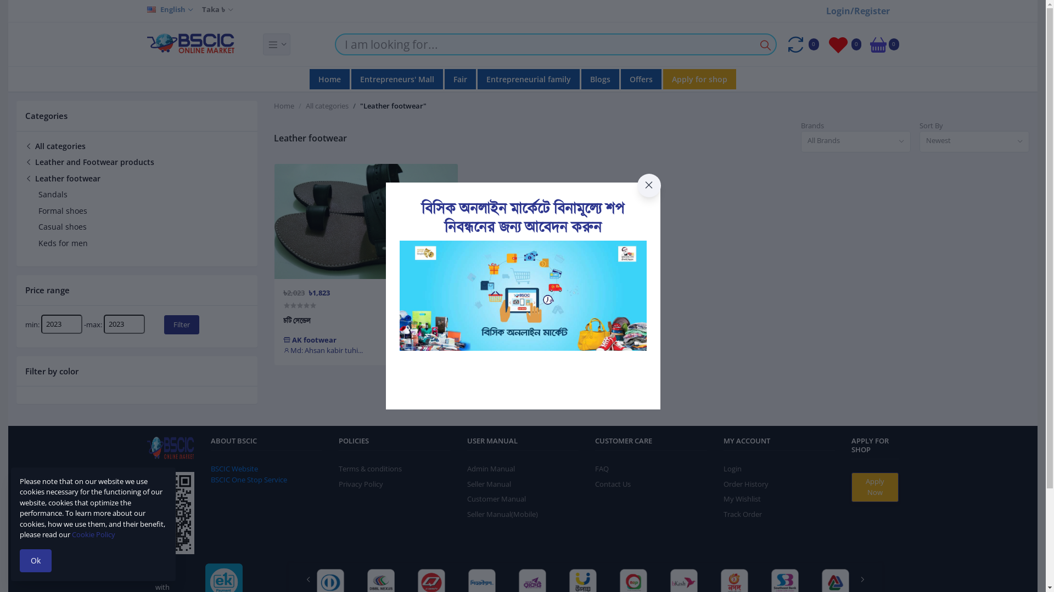  What do you see at coordinates (467, 483) in the screenshot?
I see `'Seller Manual'` at bounding box center [467, 483].